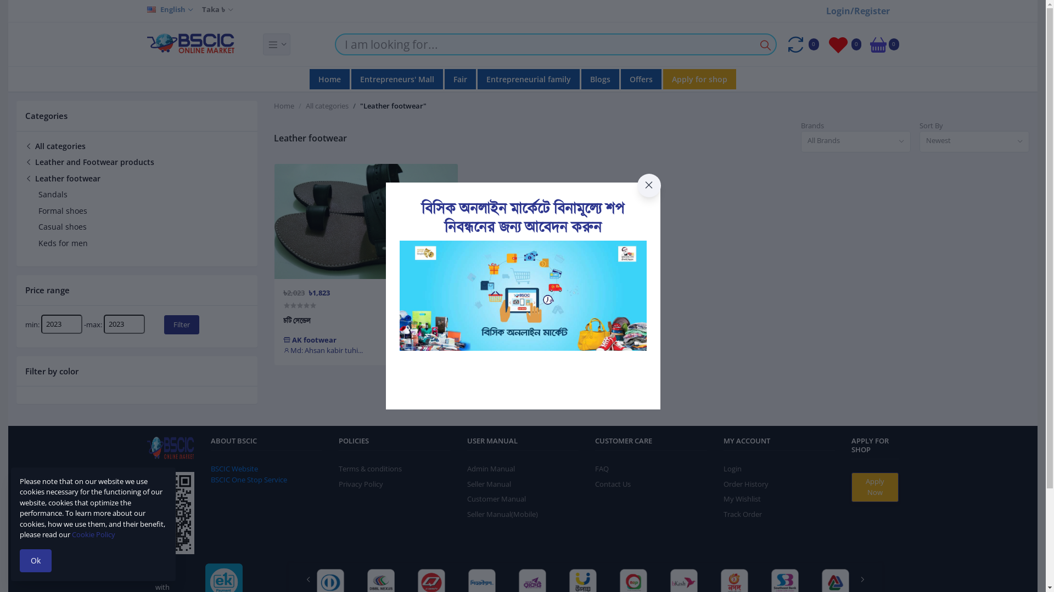  What do you see at coordinates (467, 483) in the screenshot?
I see `'Seller Manual'` at bounding box center [467, 483].